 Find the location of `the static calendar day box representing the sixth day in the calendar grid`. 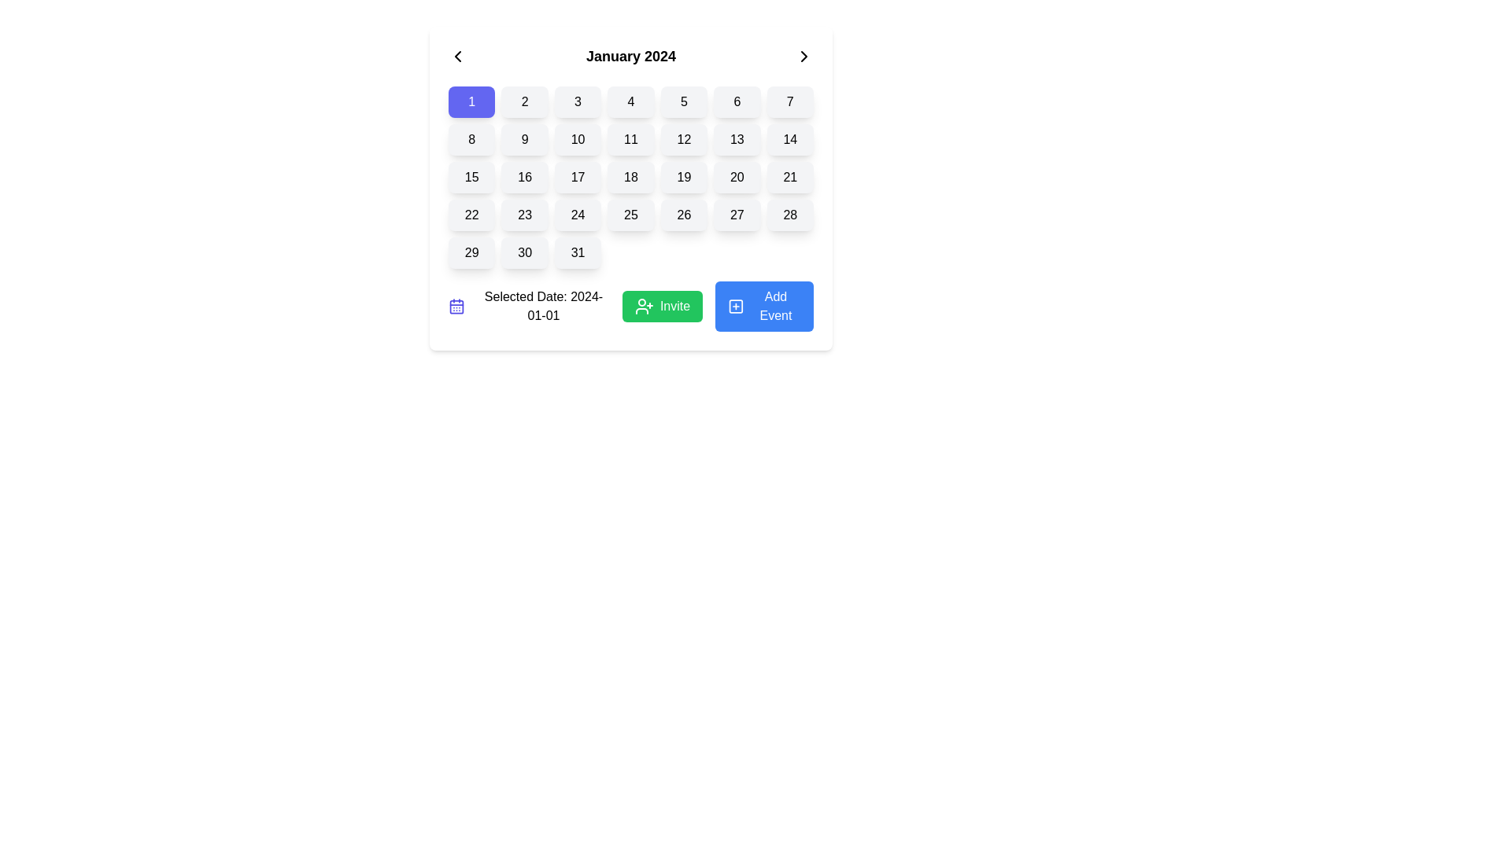

the static calendar day box representing the sixth day in the calendar grid is located at coordinates (736, 102).